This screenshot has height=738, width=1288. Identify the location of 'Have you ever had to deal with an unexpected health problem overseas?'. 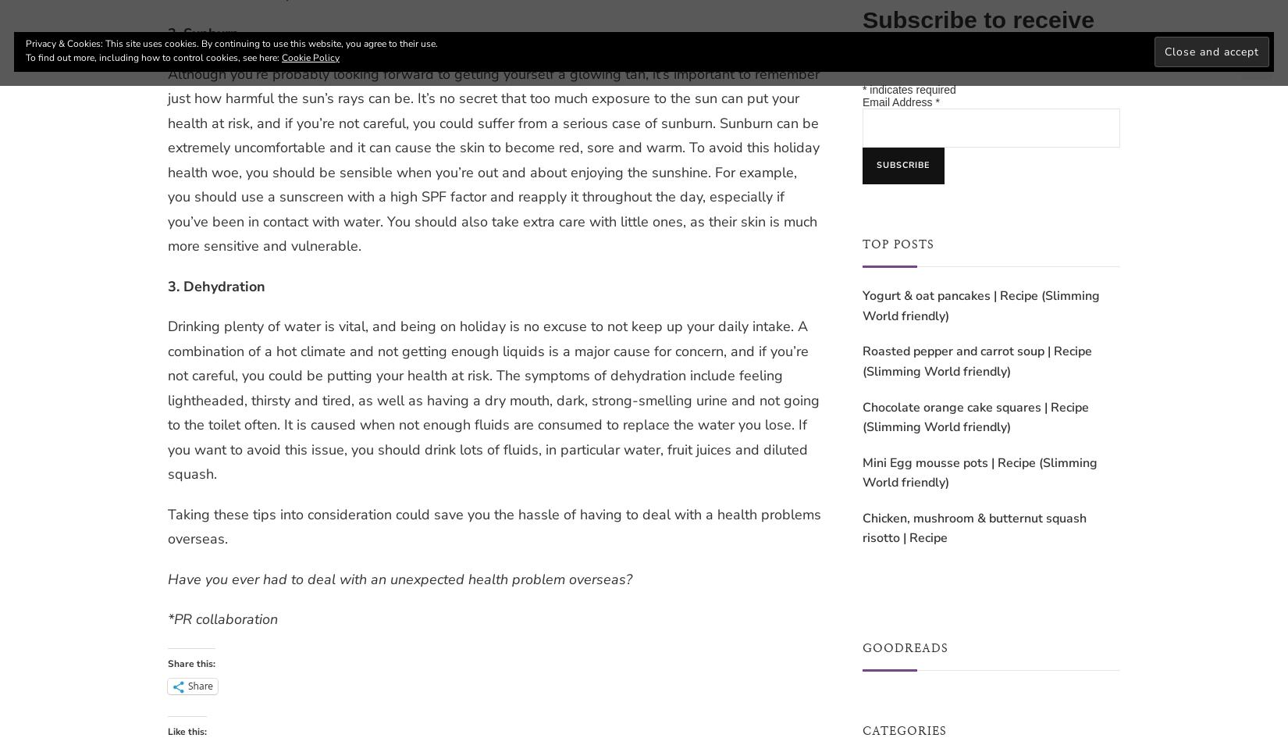
(399, 578).